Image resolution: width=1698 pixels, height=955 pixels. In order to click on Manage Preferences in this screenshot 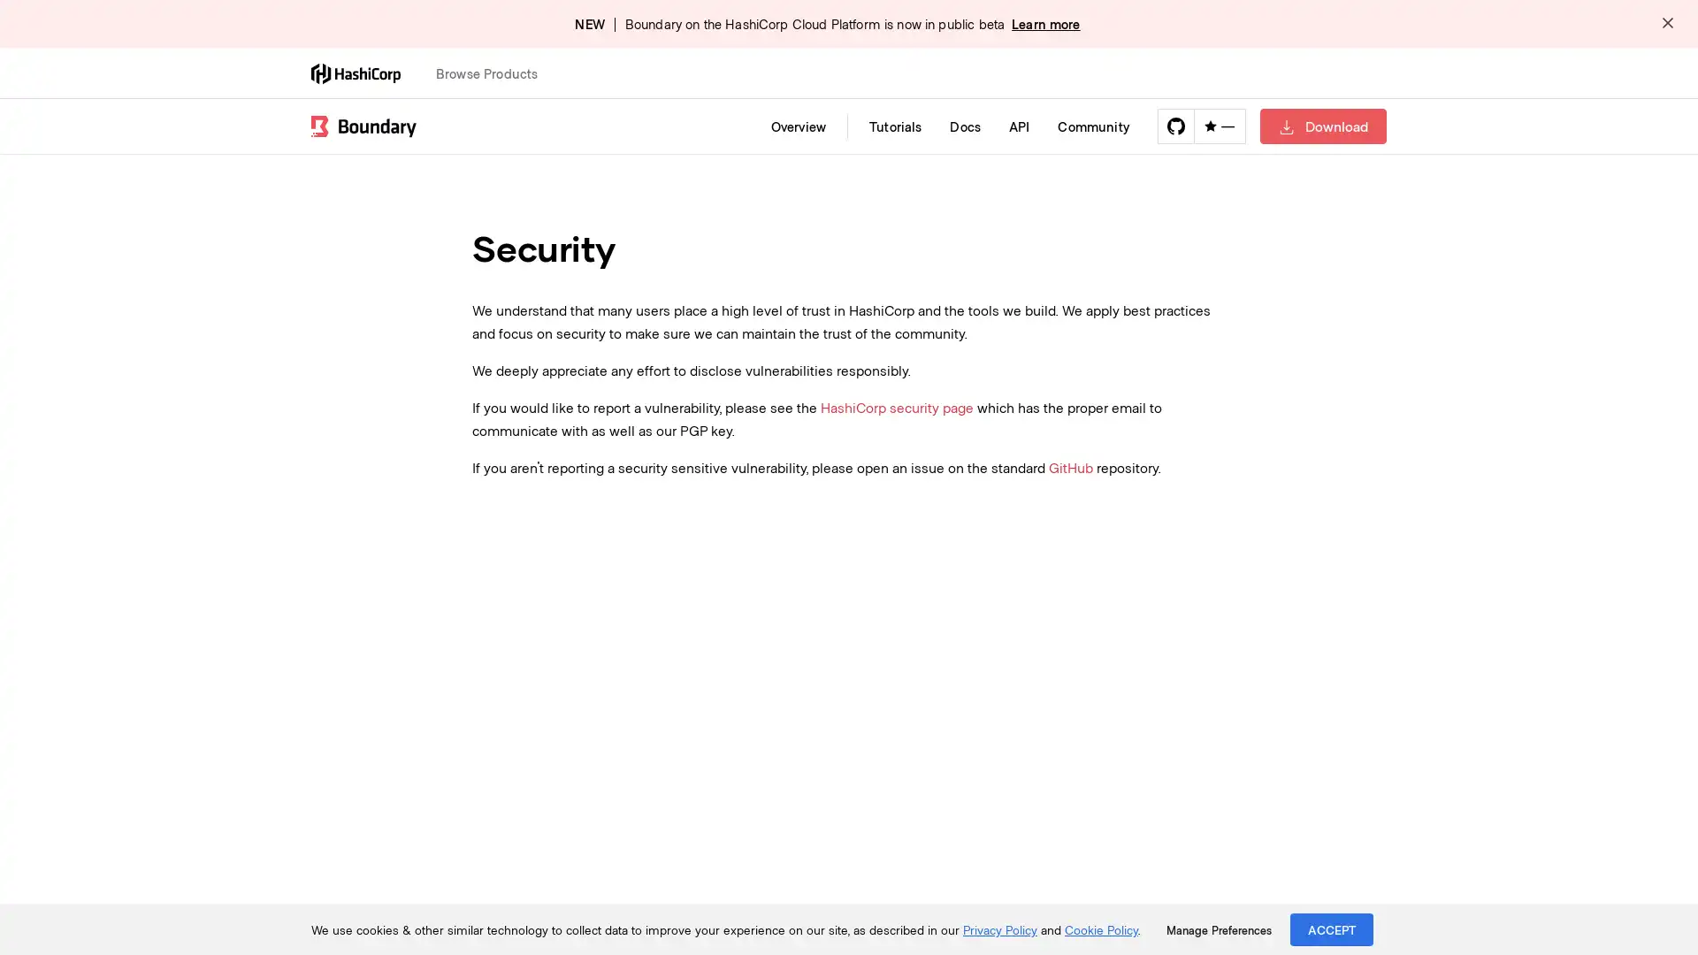, I will do `click(1218, 929)`.